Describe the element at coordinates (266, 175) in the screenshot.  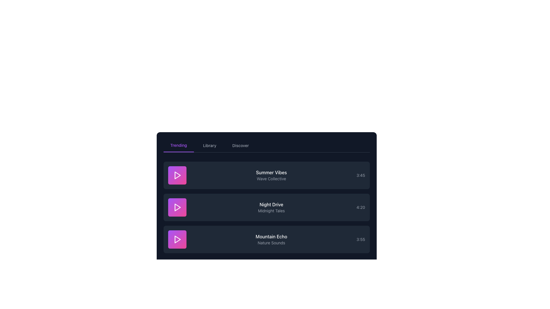
I see `the first interactive card representing a song or audio track located just below the horizontal navigation bar` at that location.